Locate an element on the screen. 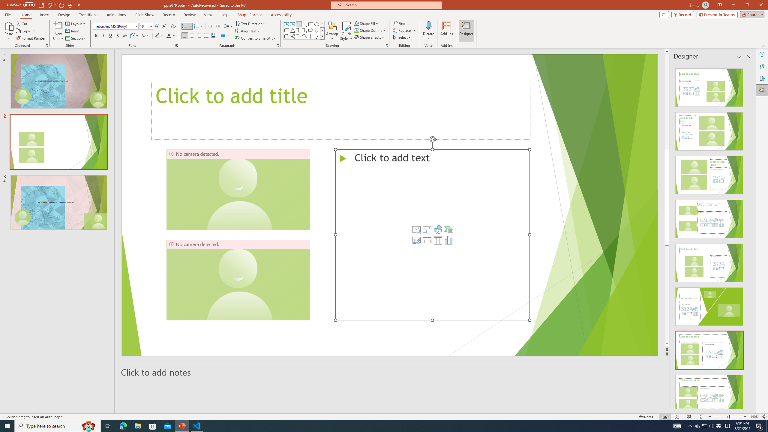 The width and height of the screenshot is (768, 432). 'Connector: Elbow' is located at coordinates (298, 30).